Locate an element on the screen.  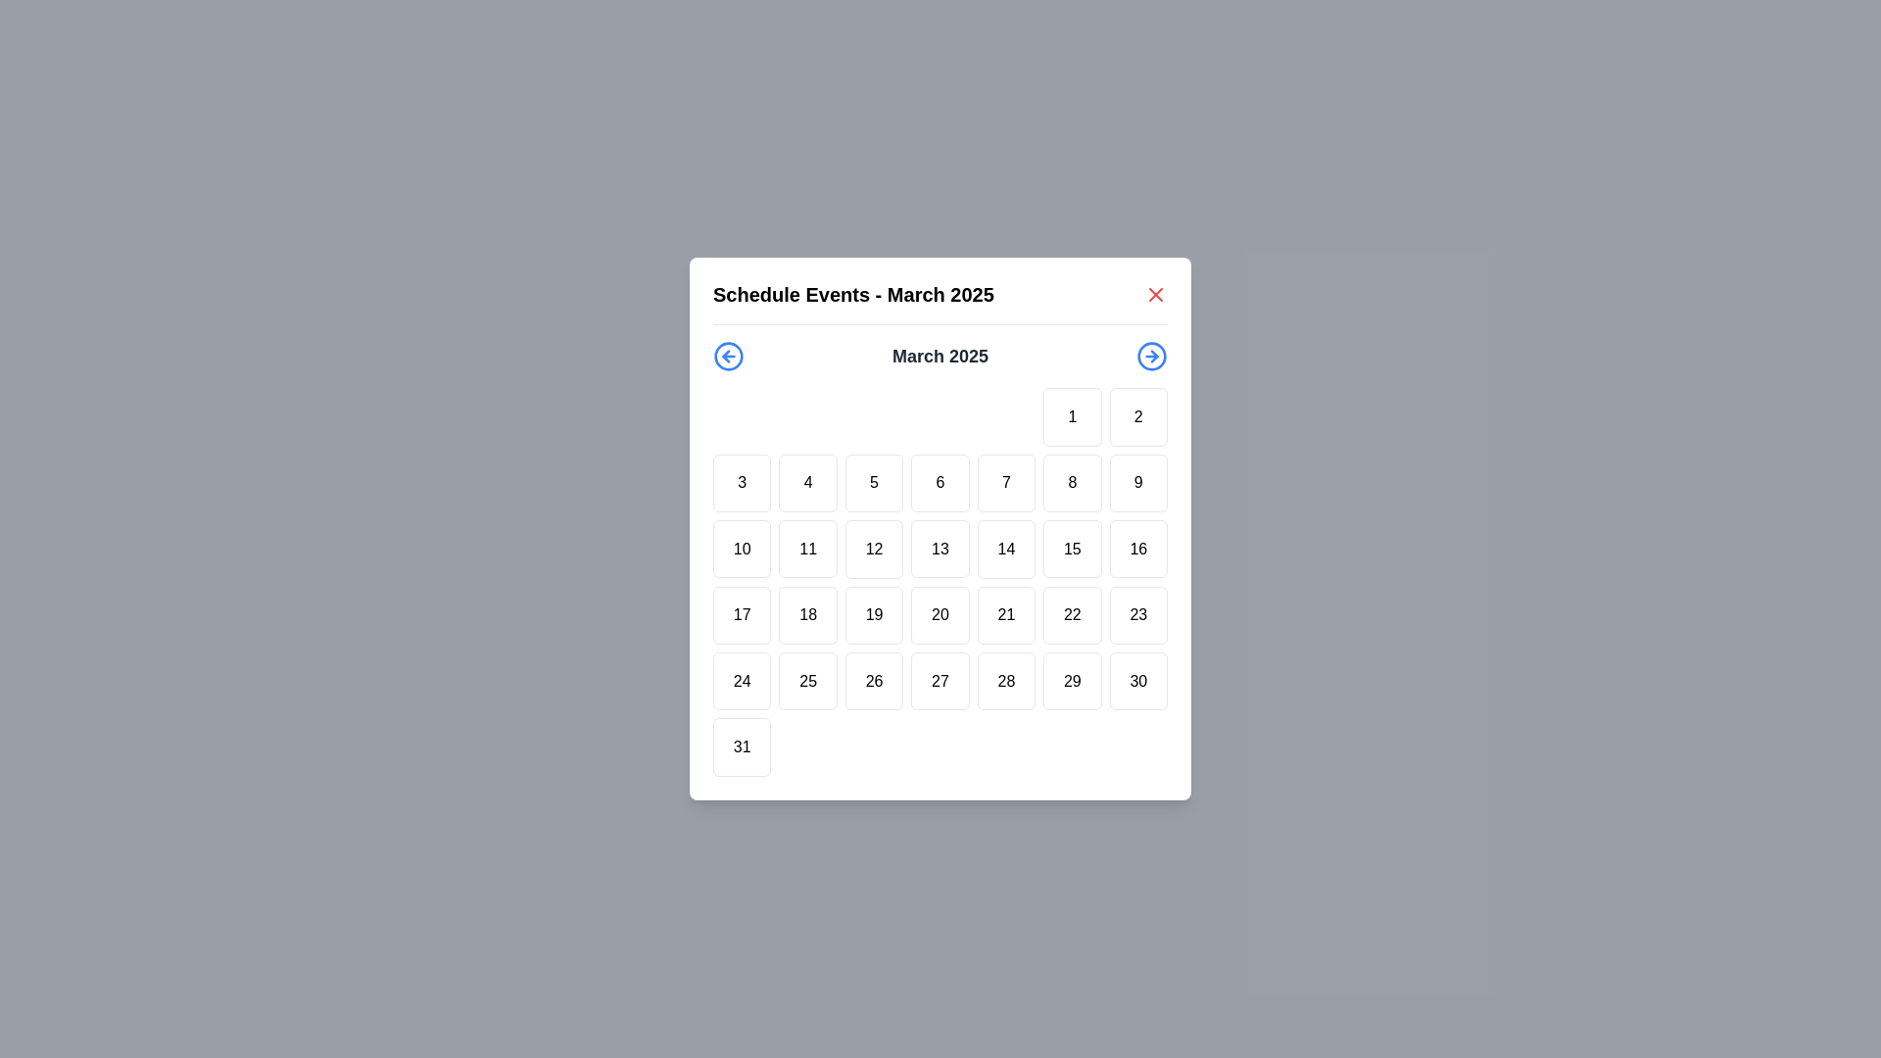
the square-shaped button with a white background and the black number '7' centered inside, located in the second row of the grid under the modal popover labeled 'Schedule Events - March 2025' is located at coordinates (1006, 483).